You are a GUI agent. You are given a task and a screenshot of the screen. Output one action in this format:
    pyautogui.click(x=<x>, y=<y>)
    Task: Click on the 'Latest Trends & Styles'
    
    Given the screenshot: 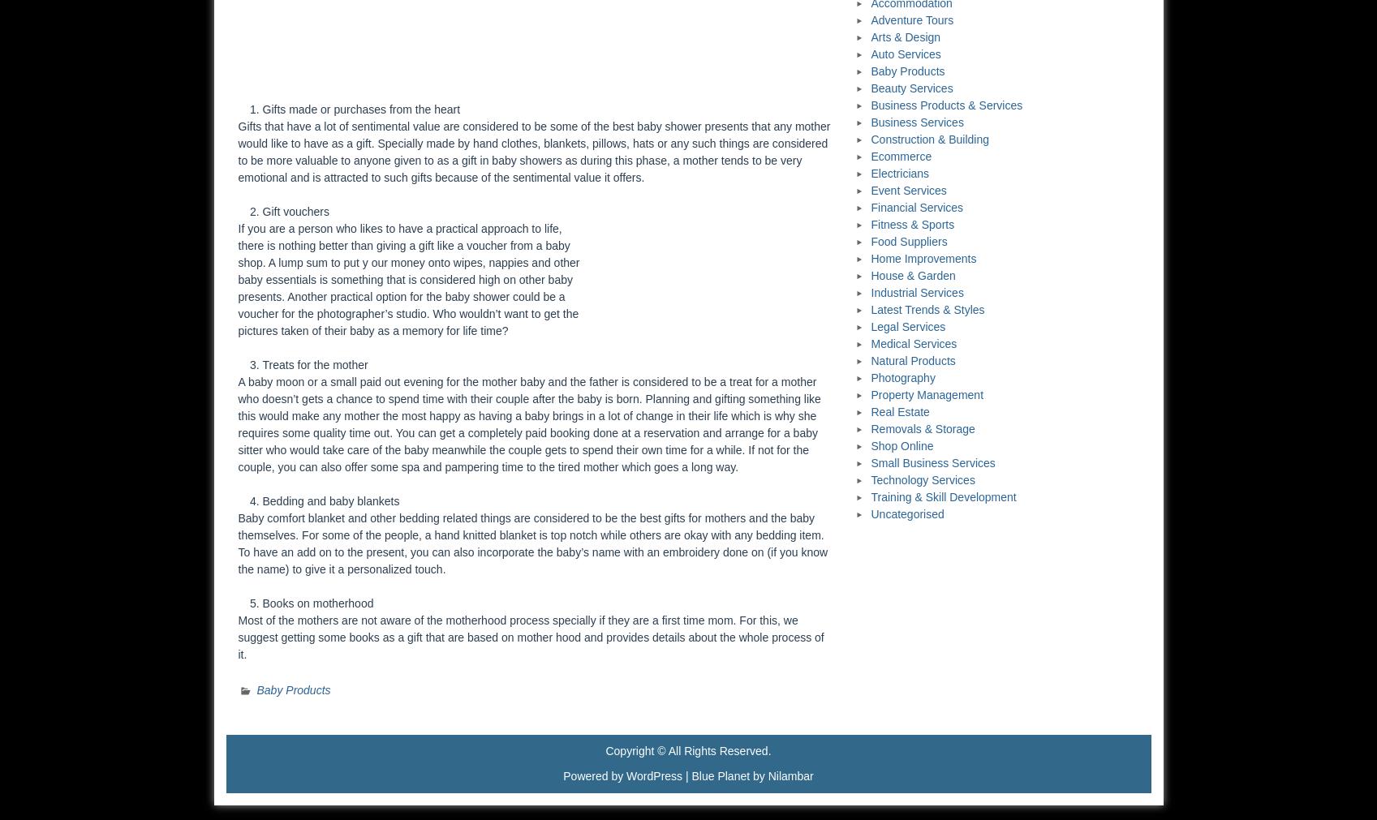 What is the action you would take?
    pyautogui.click(x=927, y=308)
    